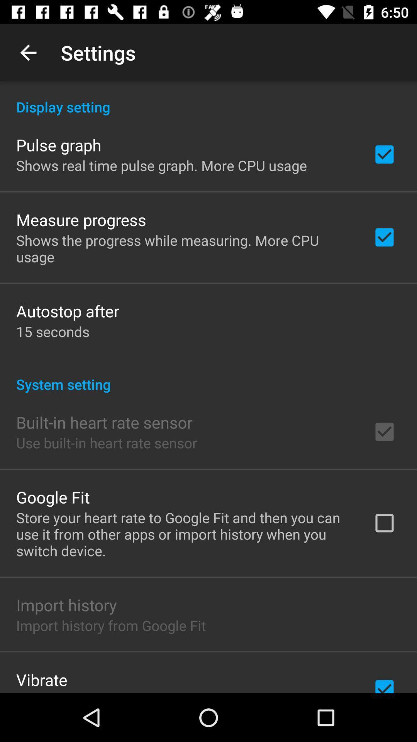  I want to click on app next to the settings app, so click(28, 52).